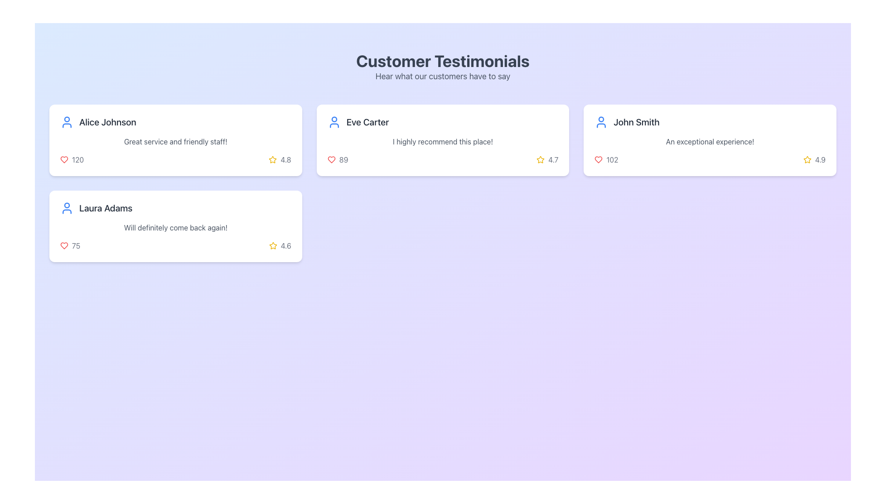 This screenshot has height=489, width=870. Describe the element at coordinates (331, 159) in the screenshot. I see `the red heart-shaped icon located in the upper-right quadrant of the page layout, which is part of the testimonial card for 'Eve Carter'` at that location.